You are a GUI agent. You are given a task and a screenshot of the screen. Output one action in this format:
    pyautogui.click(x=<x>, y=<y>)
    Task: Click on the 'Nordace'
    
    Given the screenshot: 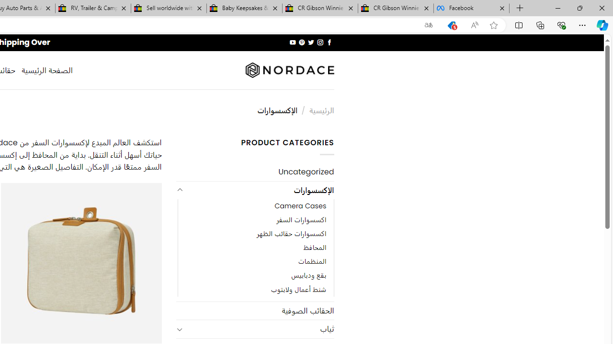 What is the action you would take?
    pyautogui.click(x=289, y=70)
    